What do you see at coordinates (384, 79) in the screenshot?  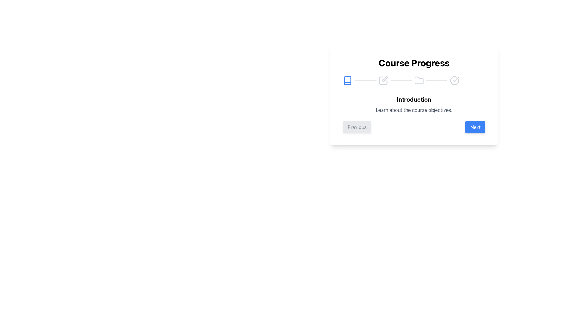 I see `the pencil icon in the second position of the horizontal progress bar` at bounding box center [384, 79].